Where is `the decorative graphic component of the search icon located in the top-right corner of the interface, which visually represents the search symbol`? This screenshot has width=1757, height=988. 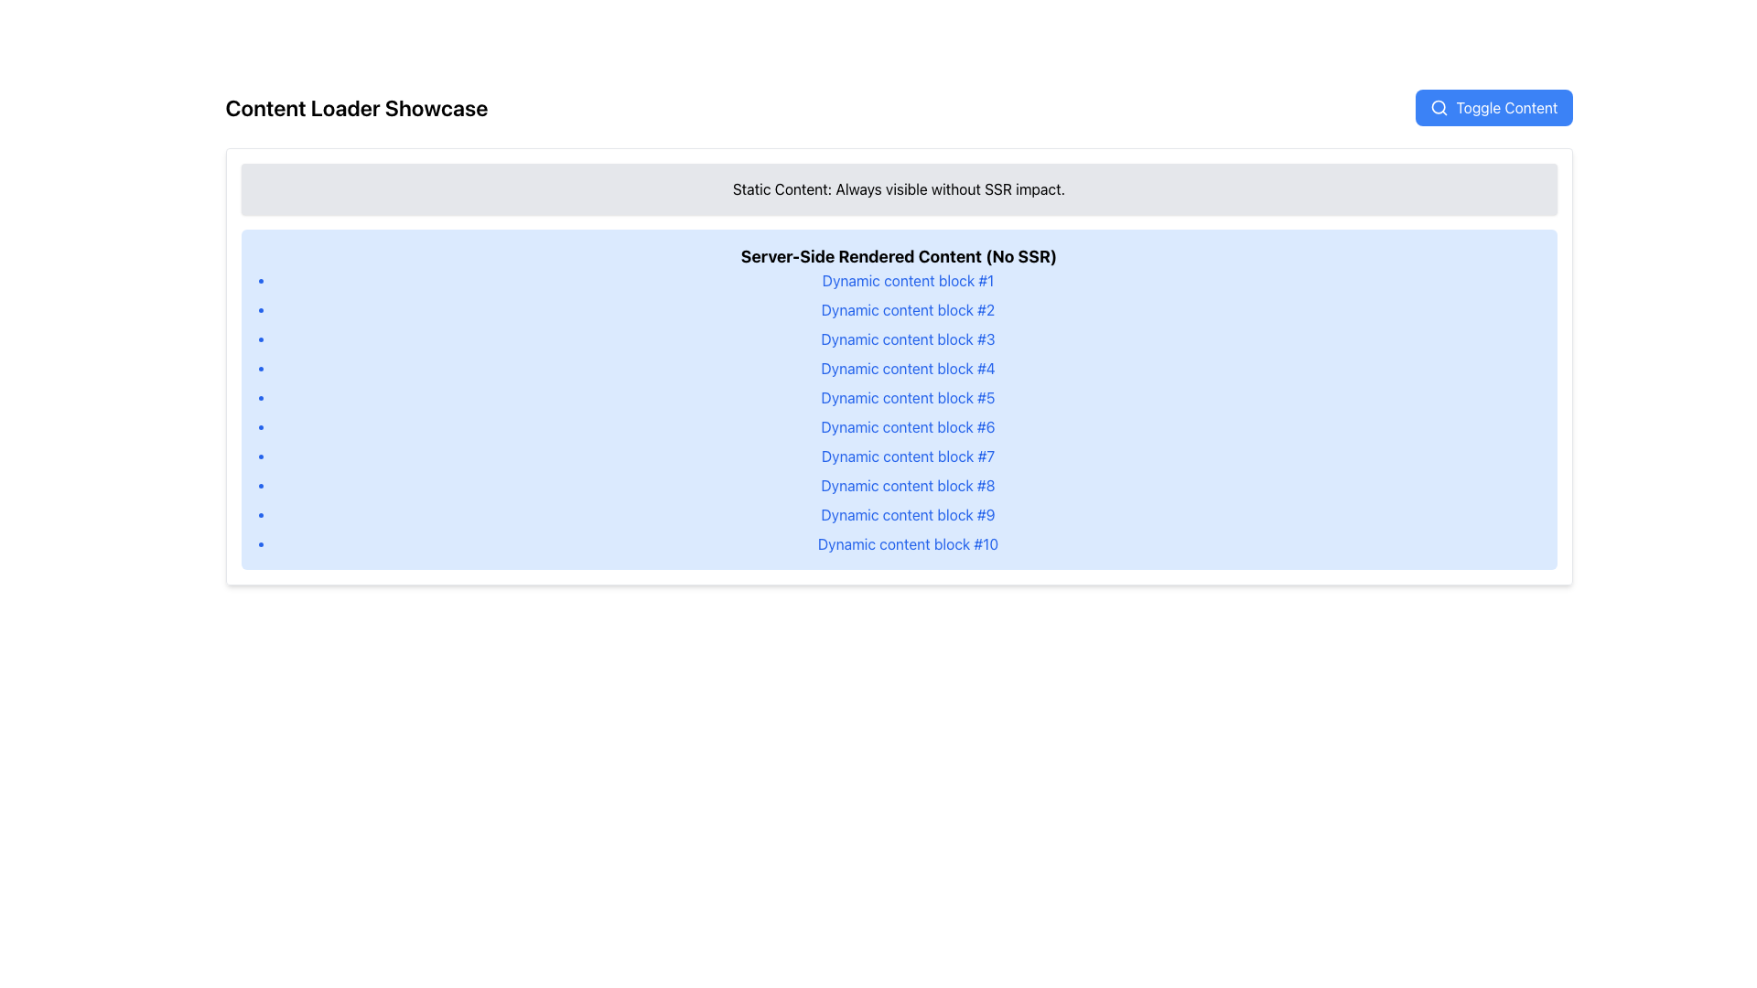 the decorative graphic component of the search icon located in the top-right corner of the interface, which visually represents the search symbol is located at coordinates (1438, 107).